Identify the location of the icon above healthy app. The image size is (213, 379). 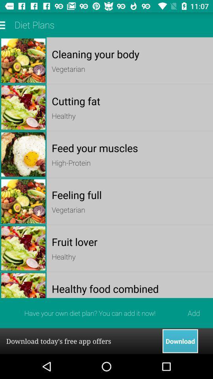
(130, 100).